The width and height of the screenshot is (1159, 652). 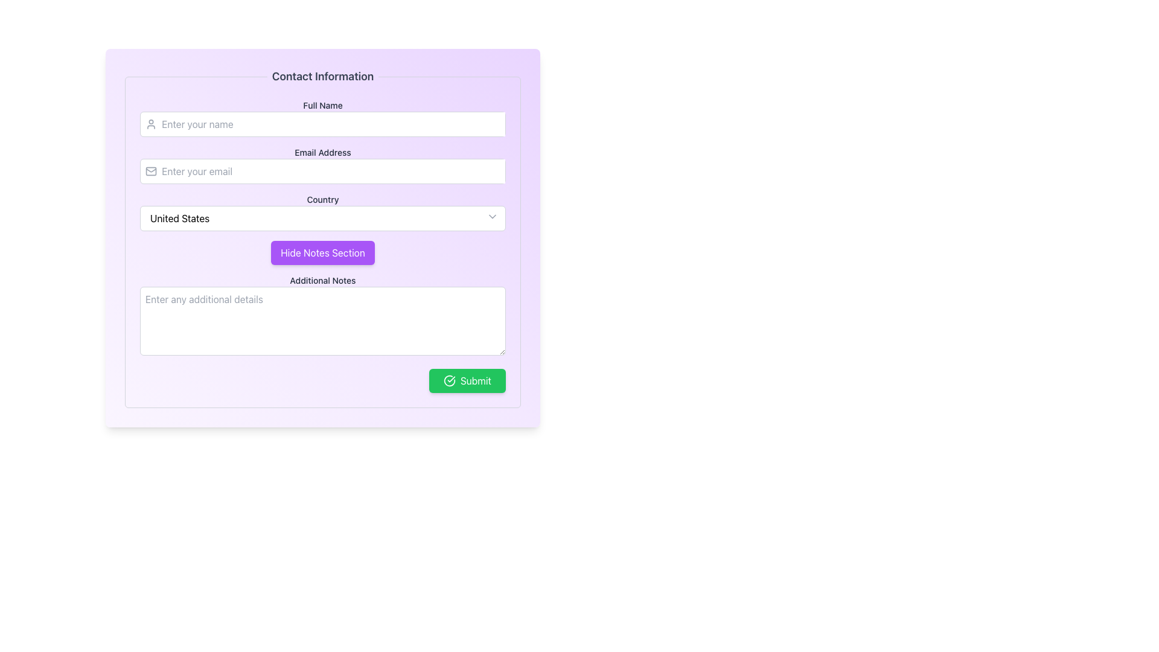 What do you see at coordinates (150, 124) in the screenshot?
I see `the user icon, which is a small gray SVG graphic of a human figure with a circular head and curved shoulders, located to the left of the 'Enter your name' text input field` at bounding box center [150, 124].